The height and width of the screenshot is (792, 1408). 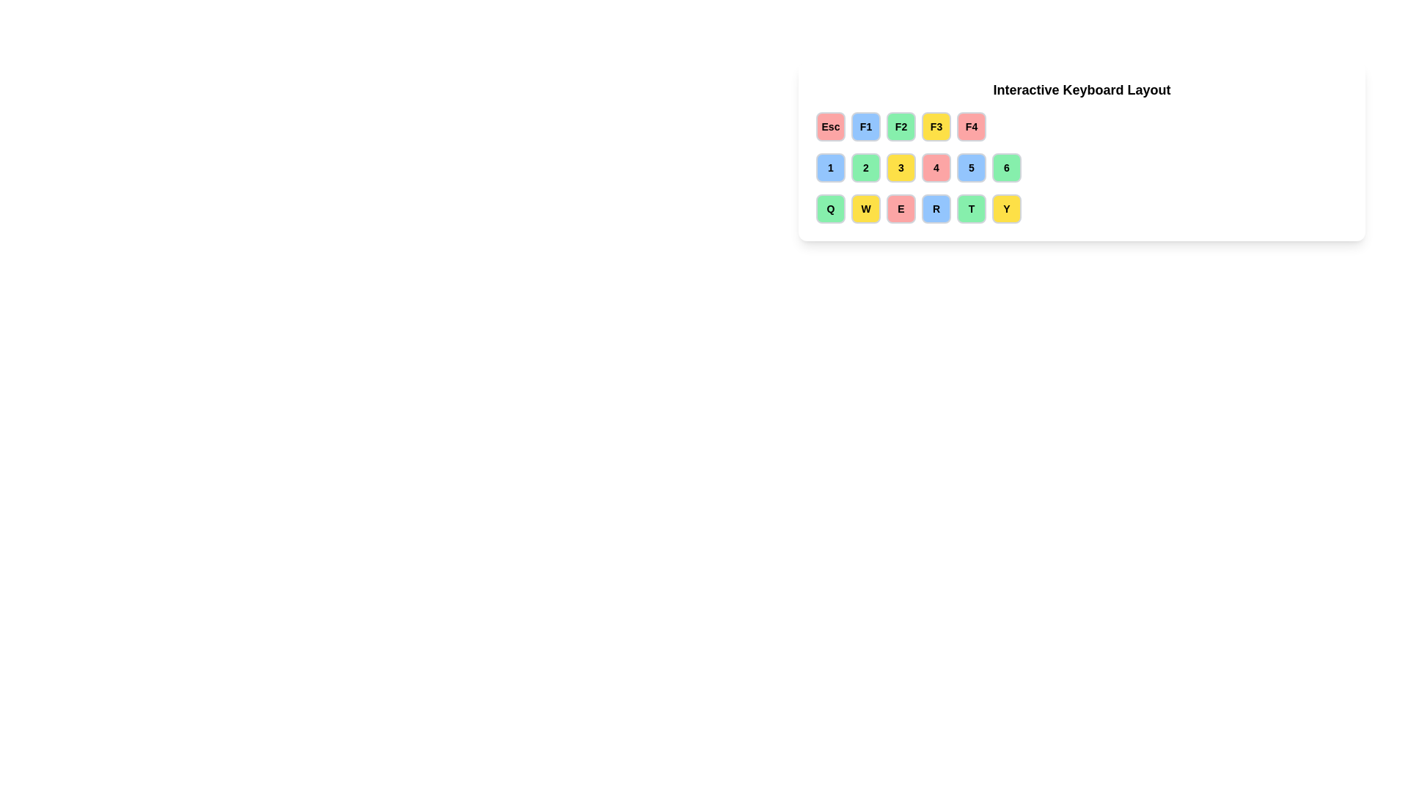 What do you see at coordinates (830, 209) in the screenshot?
I see `the 'Q' key button, which is the first button in a horizontal group of six buttons ('Q', 'W', 'E', 'R', 'T', 'Y') located in the bottom-left part of the interface` at bounding box center [830, 209].